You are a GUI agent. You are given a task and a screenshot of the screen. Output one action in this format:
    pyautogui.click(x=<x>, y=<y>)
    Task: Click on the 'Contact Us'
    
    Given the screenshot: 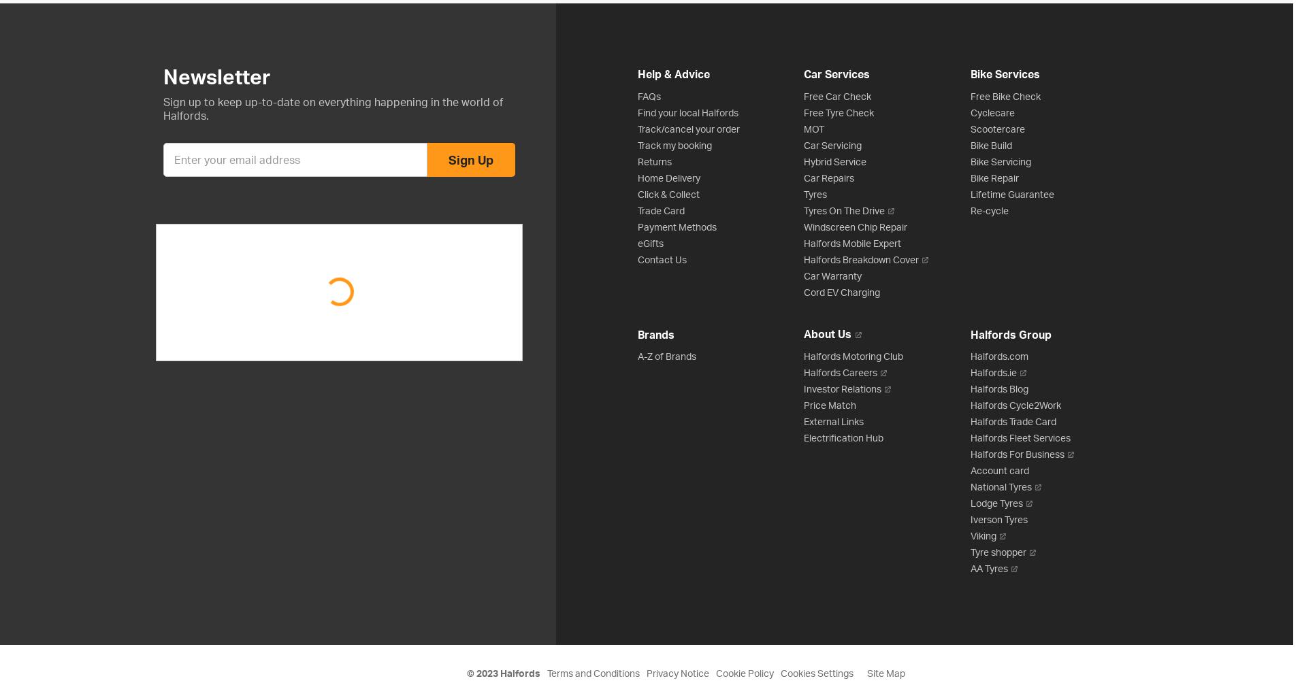 What is the action you would take?
    pyautogui.click(x=638, y=259)
    